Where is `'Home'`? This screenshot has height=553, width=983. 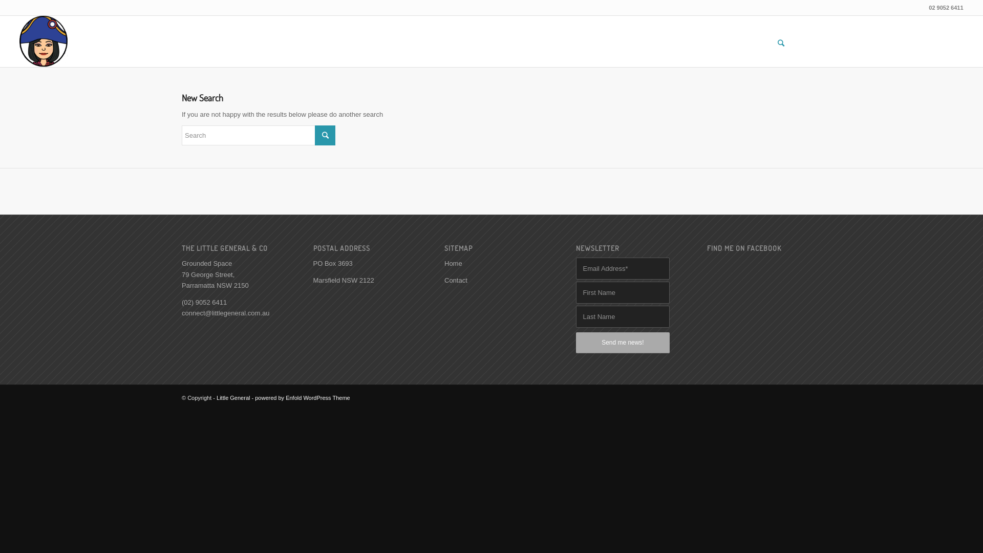 'Home' is located at coordinates (444, 263).